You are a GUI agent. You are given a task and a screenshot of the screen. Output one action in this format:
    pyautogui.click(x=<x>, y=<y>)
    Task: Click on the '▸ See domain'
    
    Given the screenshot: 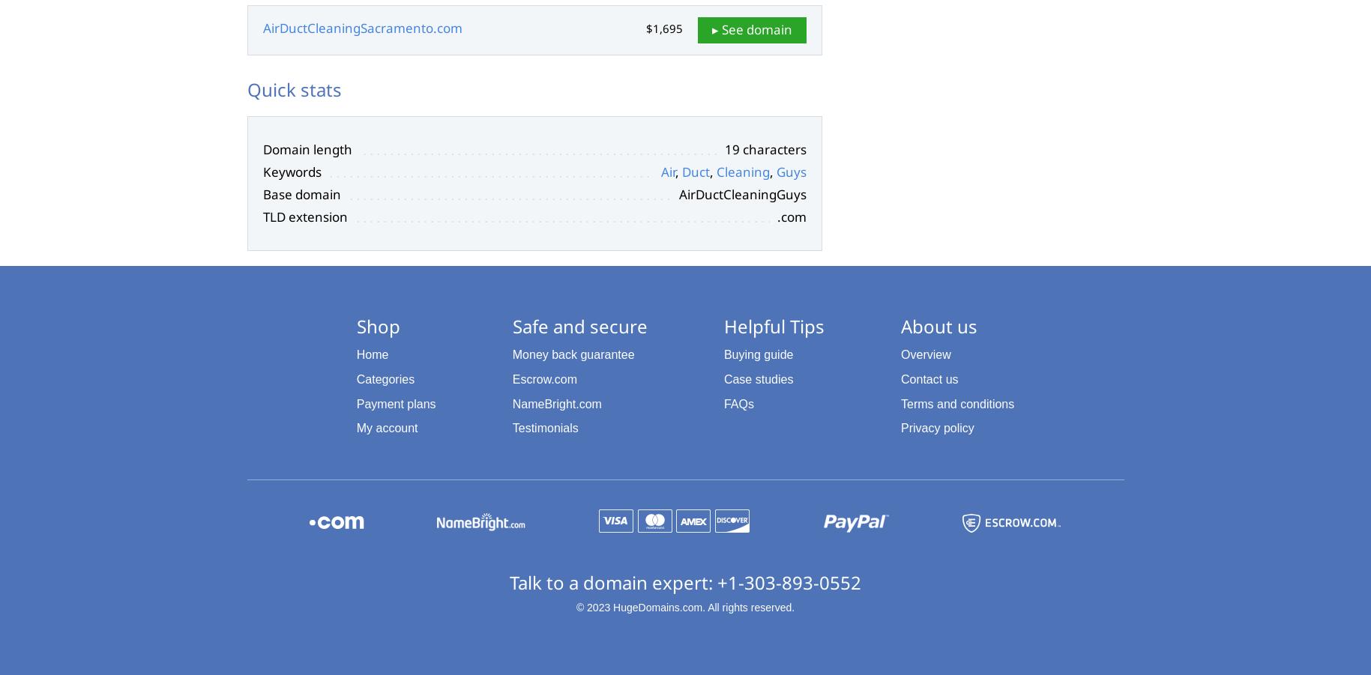 What is the action you would take?
    pyautogui.click(x=751, y=28)
    